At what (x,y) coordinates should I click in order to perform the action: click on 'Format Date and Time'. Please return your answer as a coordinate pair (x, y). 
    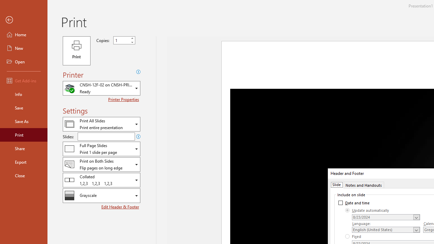
    Looking at the image, I should click on (386, 217).